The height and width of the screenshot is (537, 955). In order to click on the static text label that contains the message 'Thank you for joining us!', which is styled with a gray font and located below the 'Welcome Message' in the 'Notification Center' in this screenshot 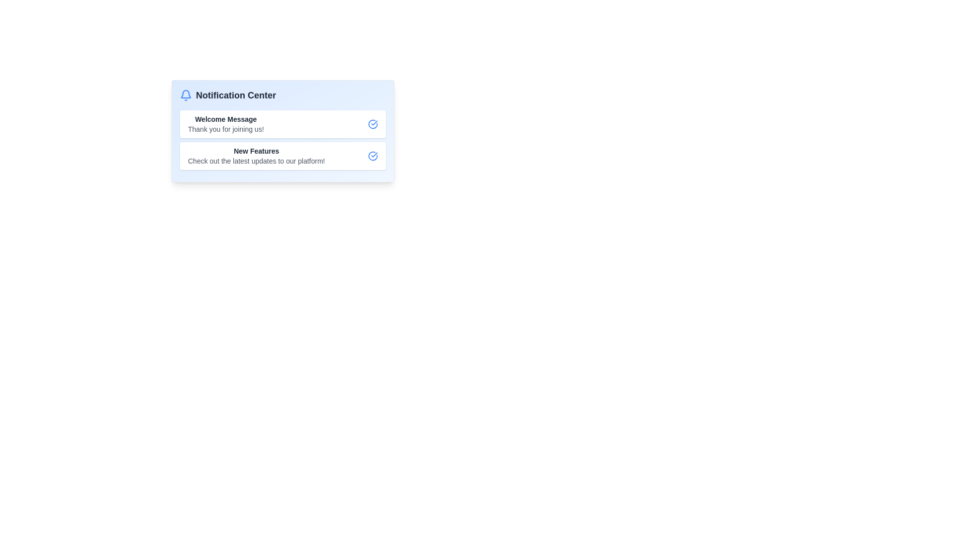, I will do `click(225, 128)`.